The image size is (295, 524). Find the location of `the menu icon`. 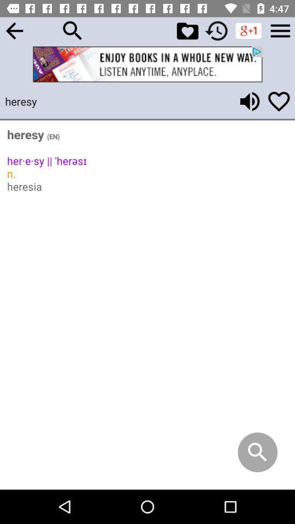

the menu icon is located at coordinates (280, 30).